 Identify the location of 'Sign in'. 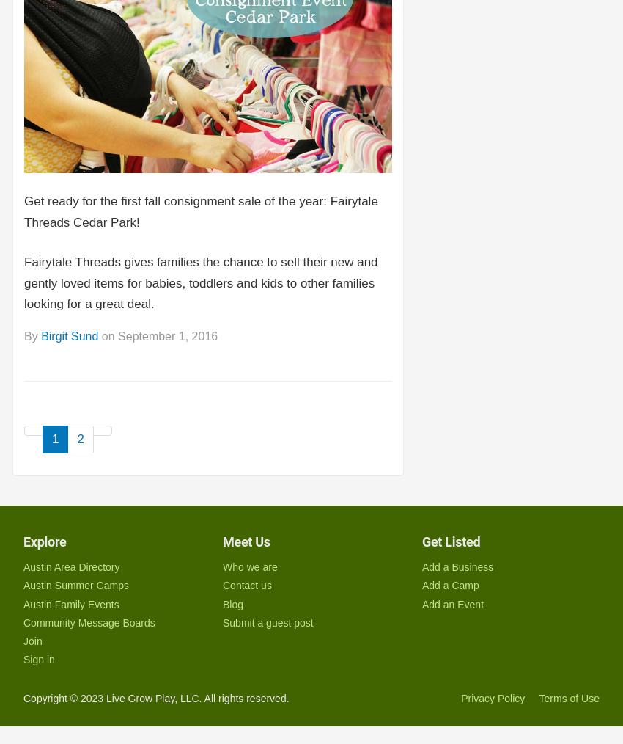
(22, 659).